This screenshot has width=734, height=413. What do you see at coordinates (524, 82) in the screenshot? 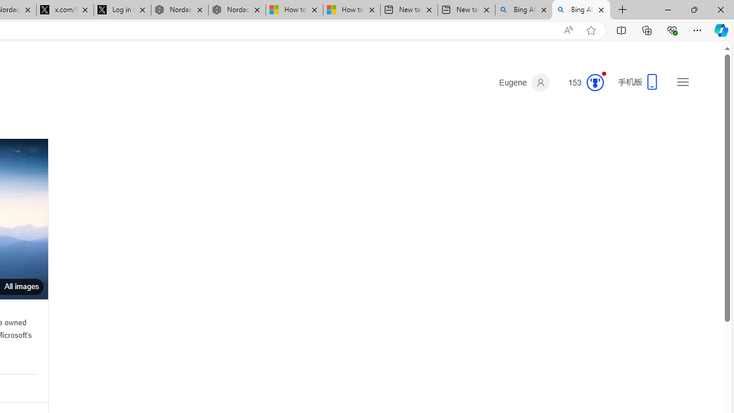
I see `'Eugene'` at bounding box center [524, 82].